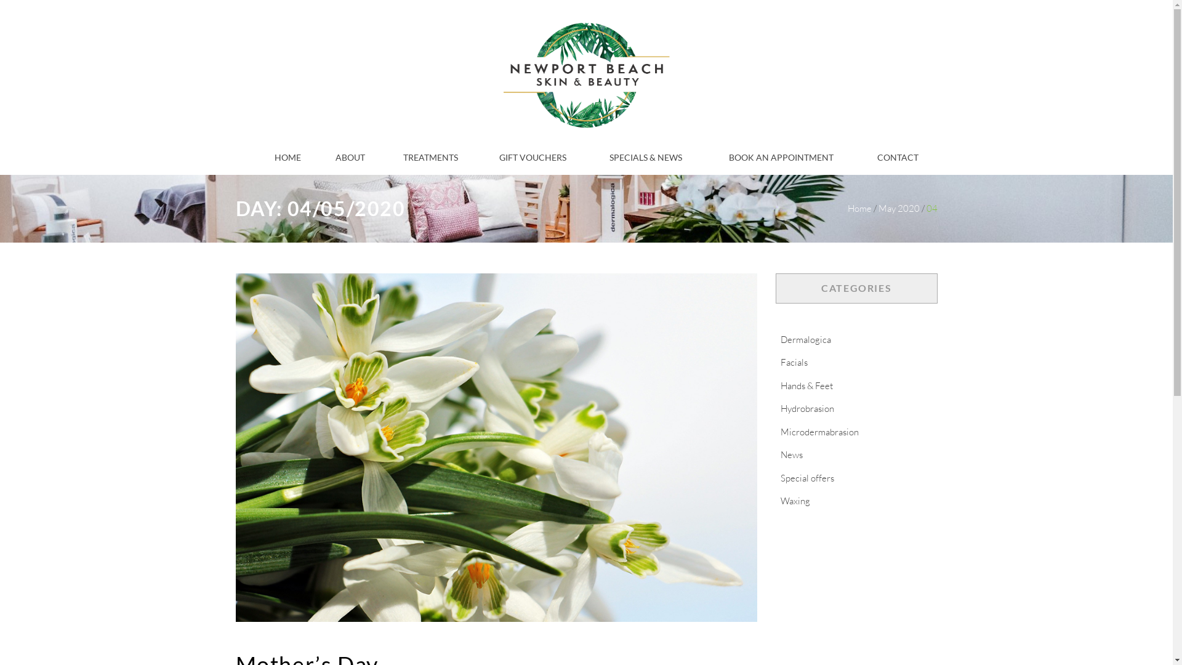 The width and height of the screenshot is (1182, 665). Describe the element at coordinates (807, 408) in the screenshot. I see `'Hydrobrasion'` at that location.